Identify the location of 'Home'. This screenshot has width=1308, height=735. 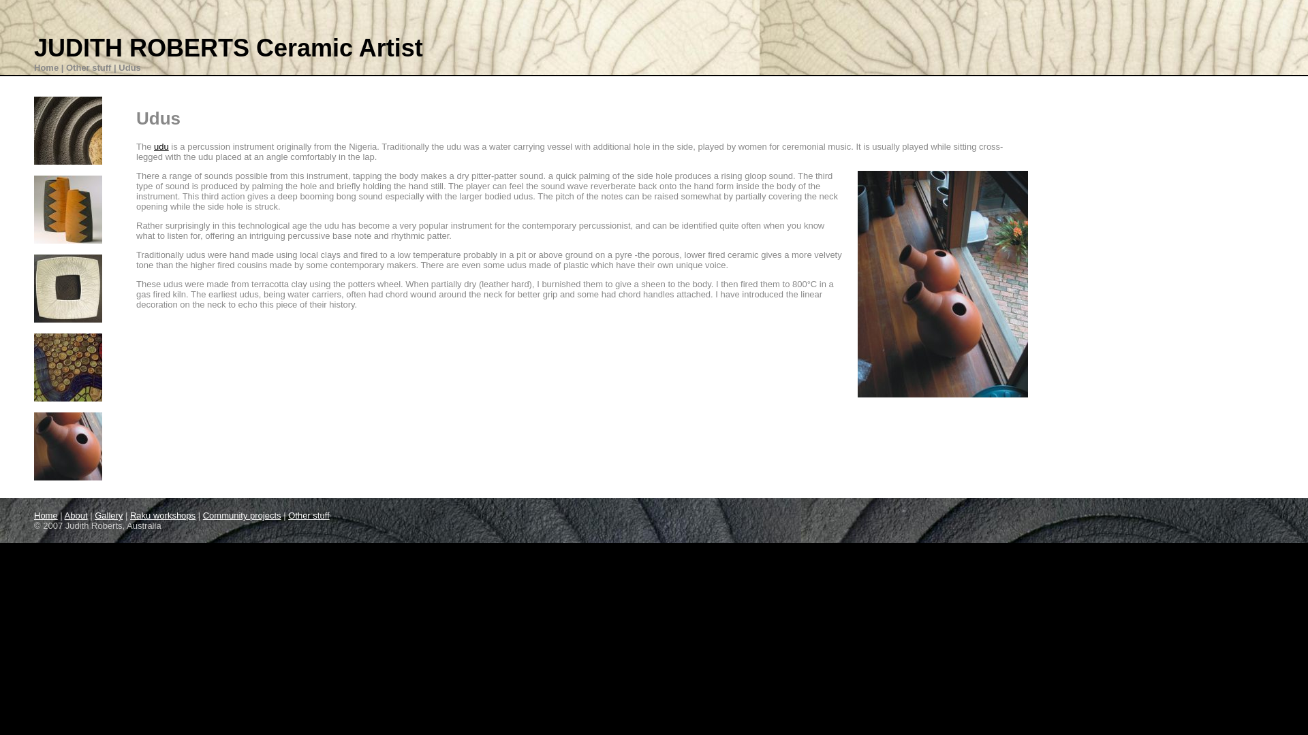
(46, 67).